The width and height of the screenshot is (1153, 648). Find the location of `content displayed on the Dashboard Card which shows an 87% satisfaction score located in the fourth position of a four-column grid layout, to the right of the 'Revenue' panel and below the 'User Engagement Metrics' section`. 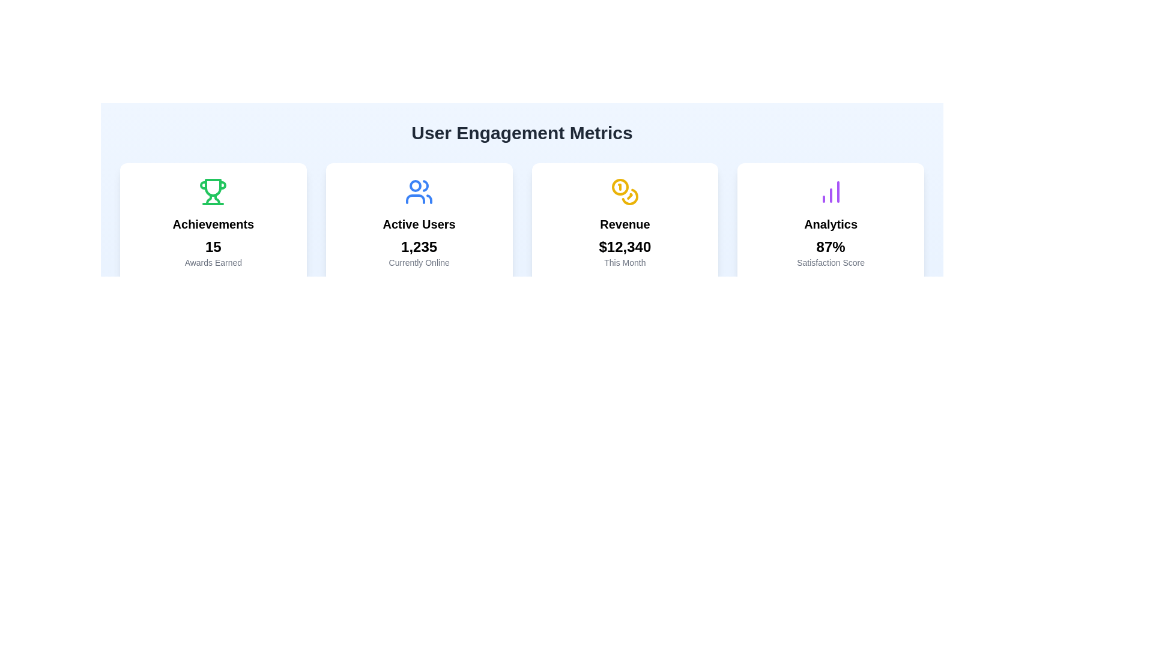

content displayed on the Dashboard Card which shows an 87% satisfaction score located in the fourth position of a four-column grid layout, to the right of the 'Revenue' panel and below the 'User Engagement Metrics' section is located at coordinates (830, 223).